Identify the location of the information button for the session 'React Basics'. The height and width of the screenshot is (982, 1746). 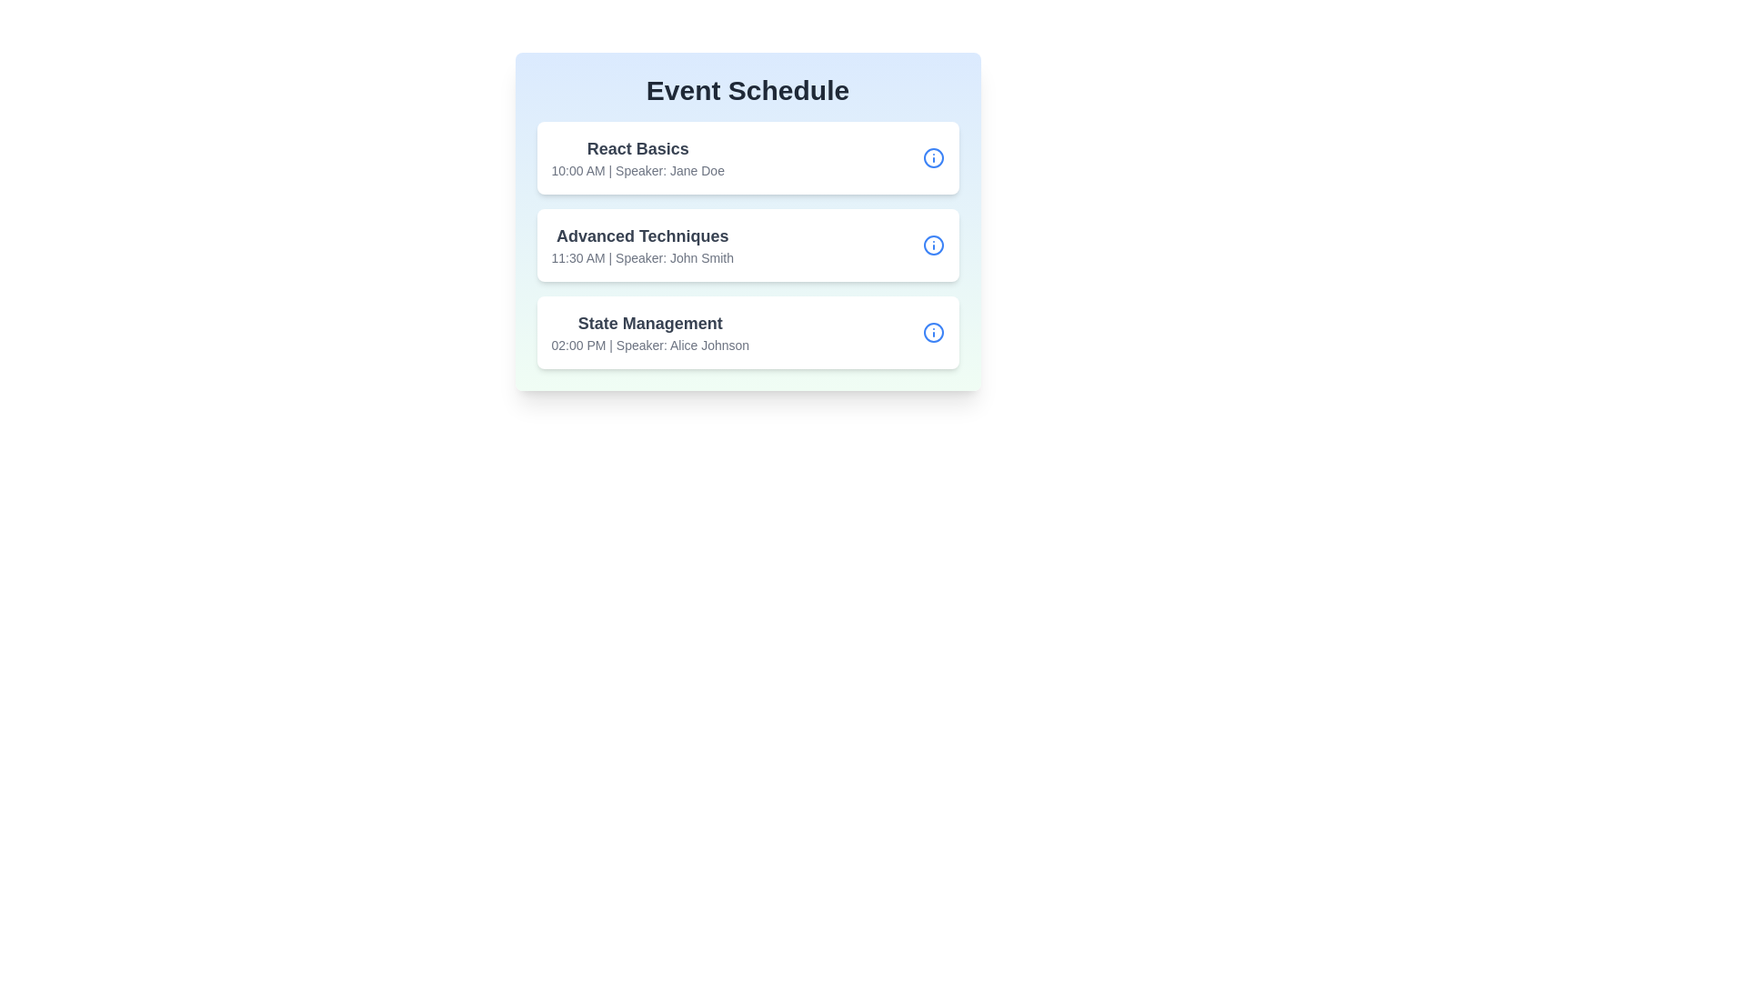
(933, 156).